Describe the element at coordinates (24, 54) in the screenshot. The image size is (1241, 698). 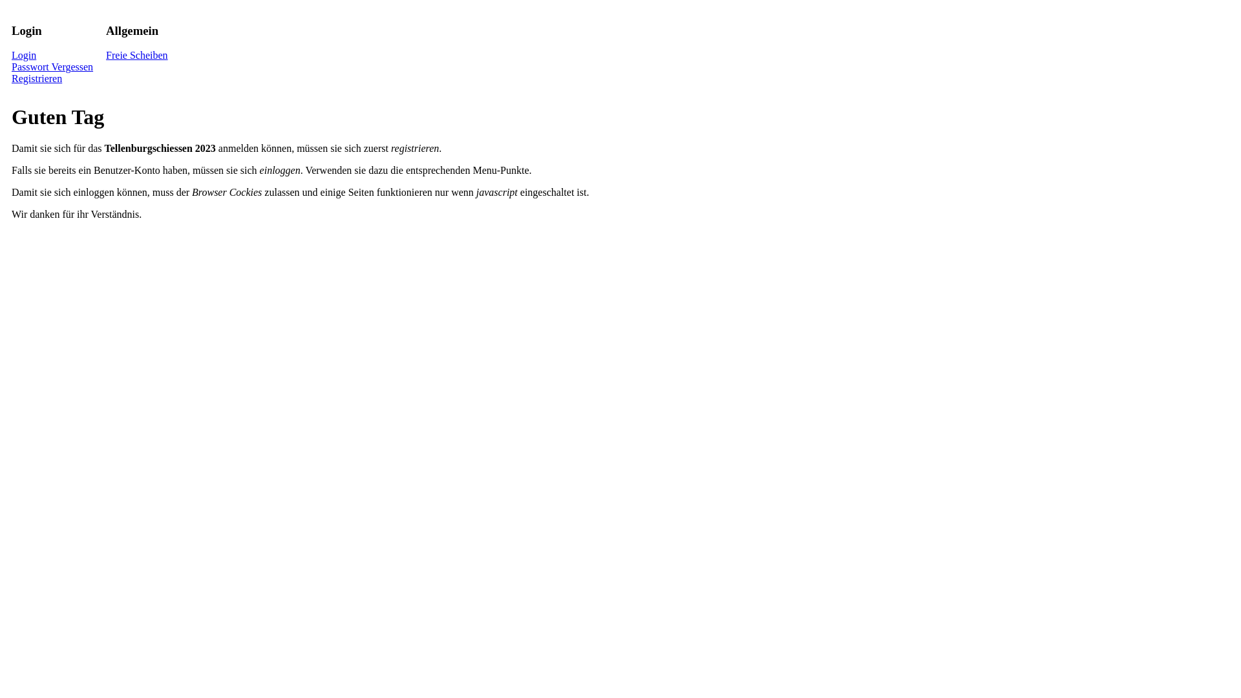
I see `'Login'` at that location.